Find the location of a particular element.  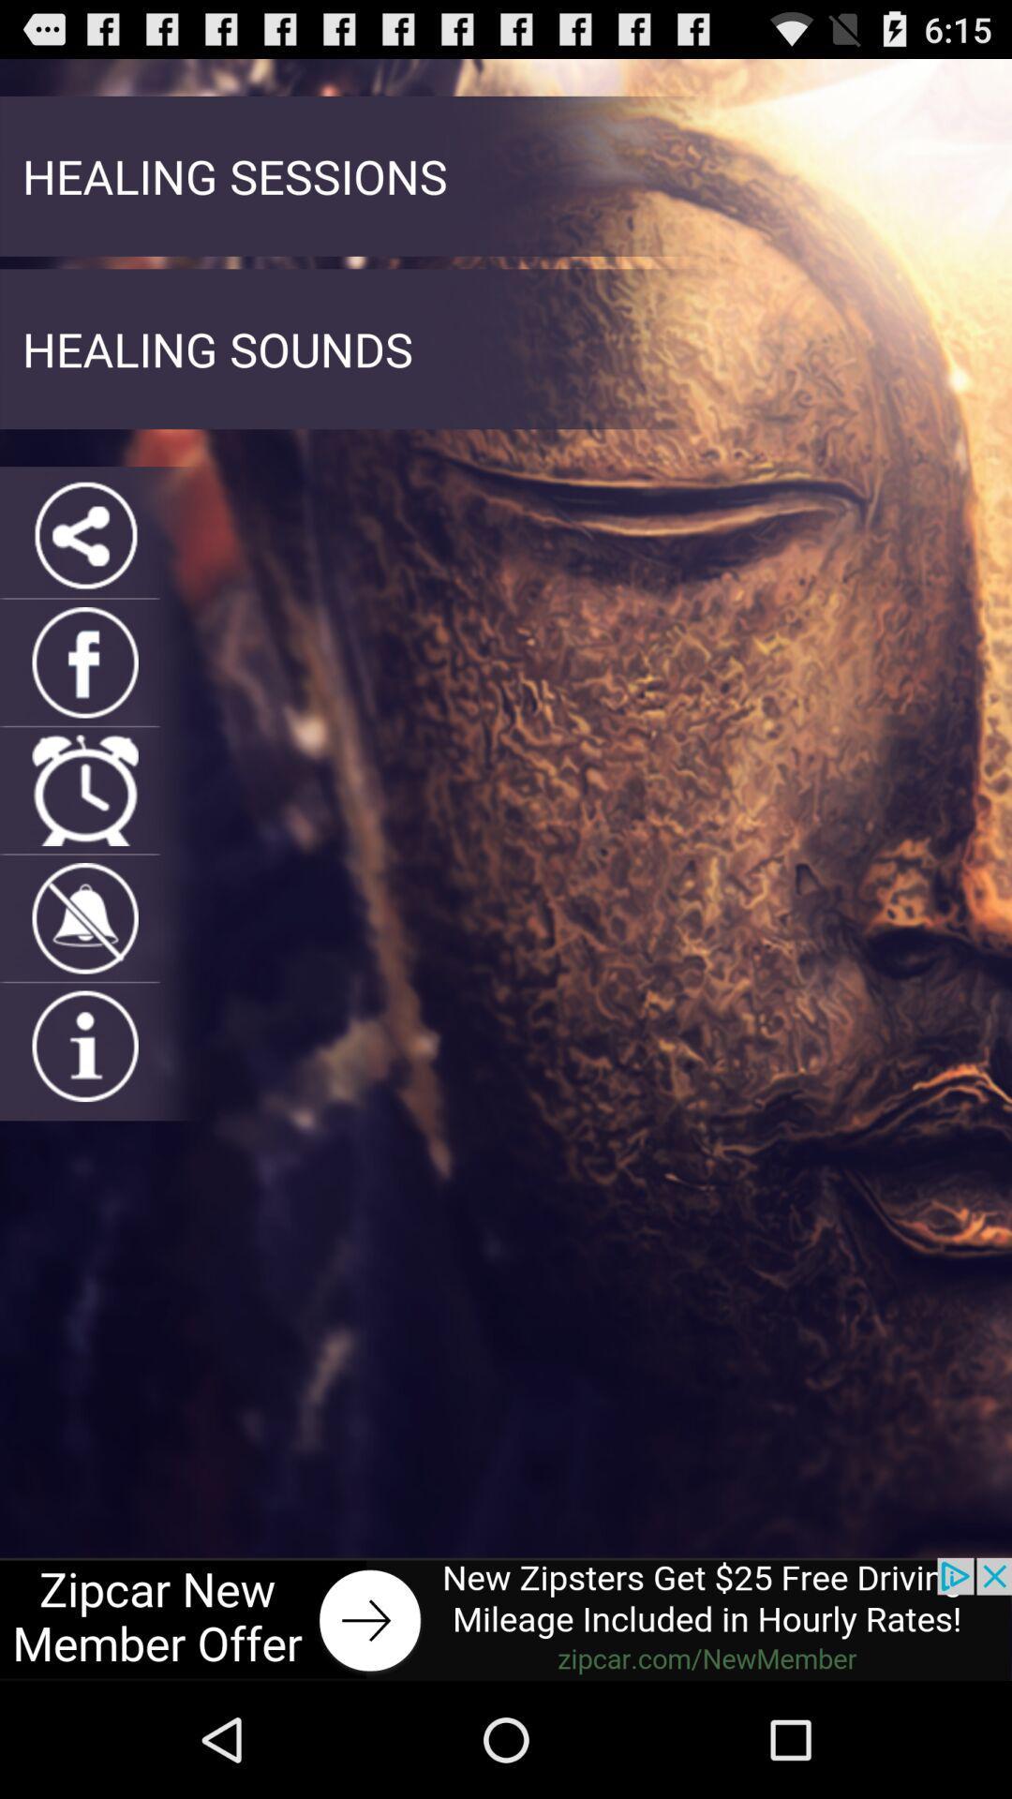

share is located at coordinates (85, 533).